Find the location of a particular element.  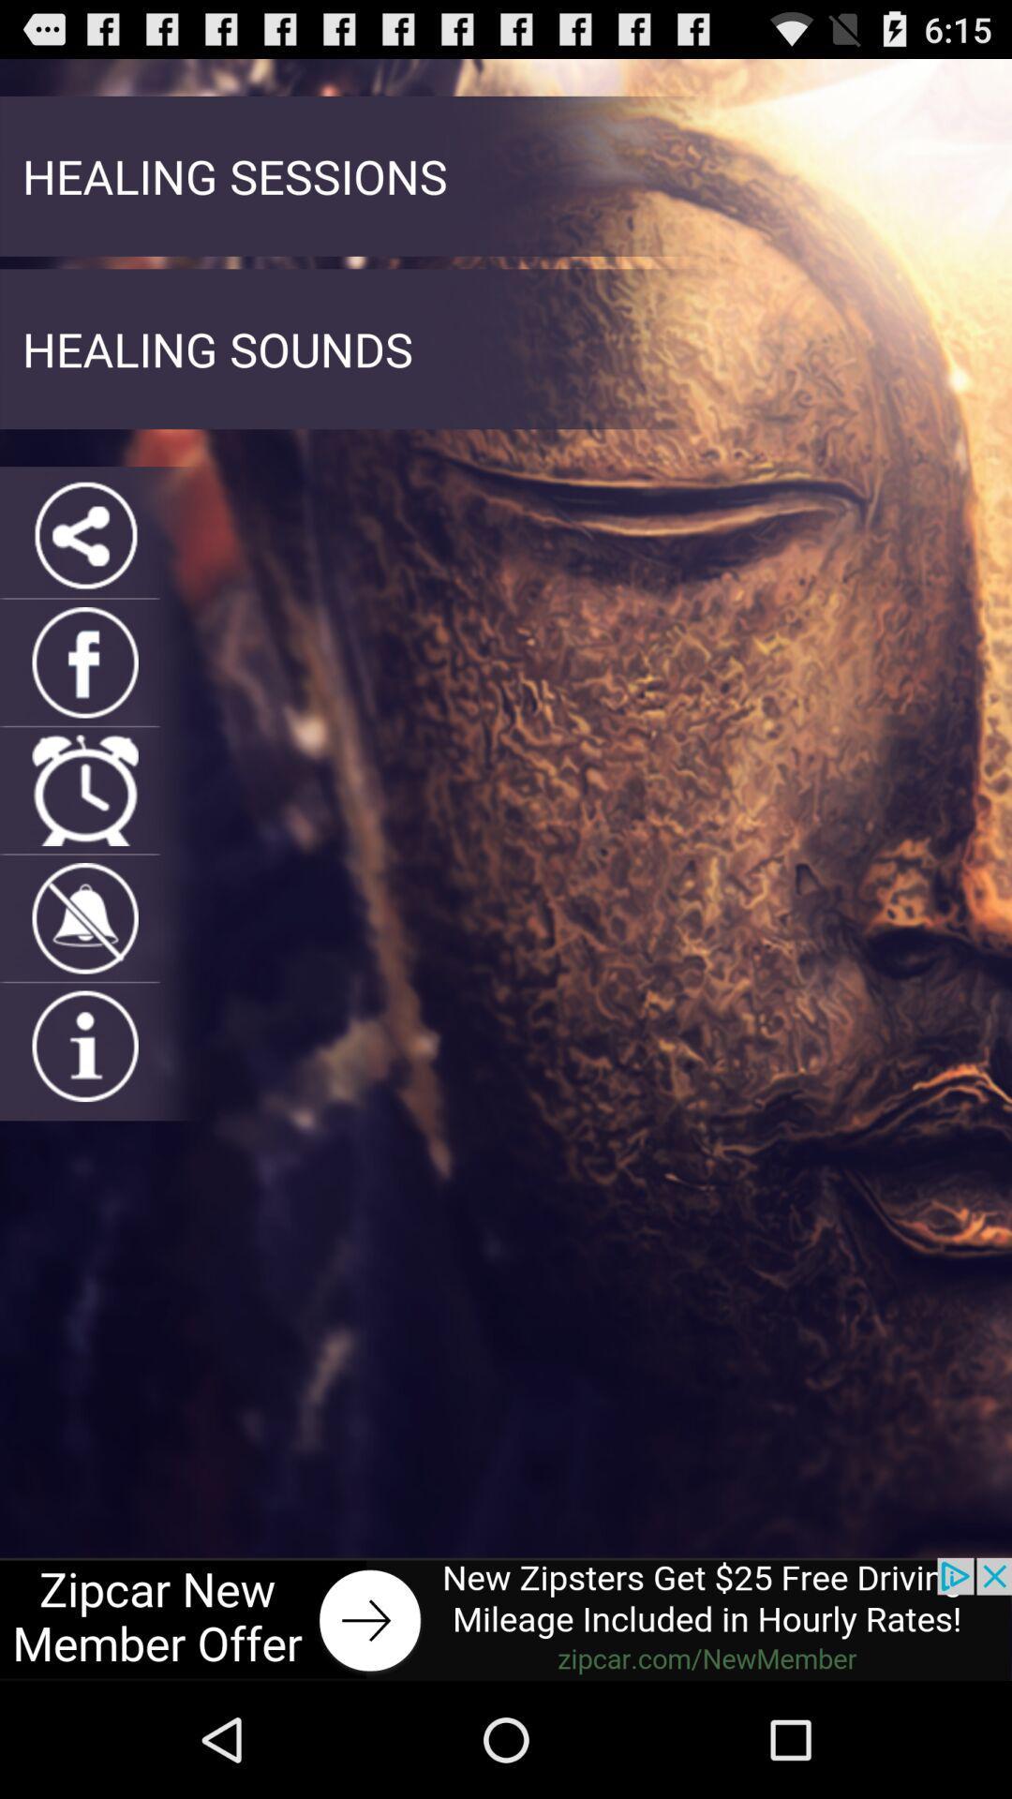

share is located at coordinates (85, 533).